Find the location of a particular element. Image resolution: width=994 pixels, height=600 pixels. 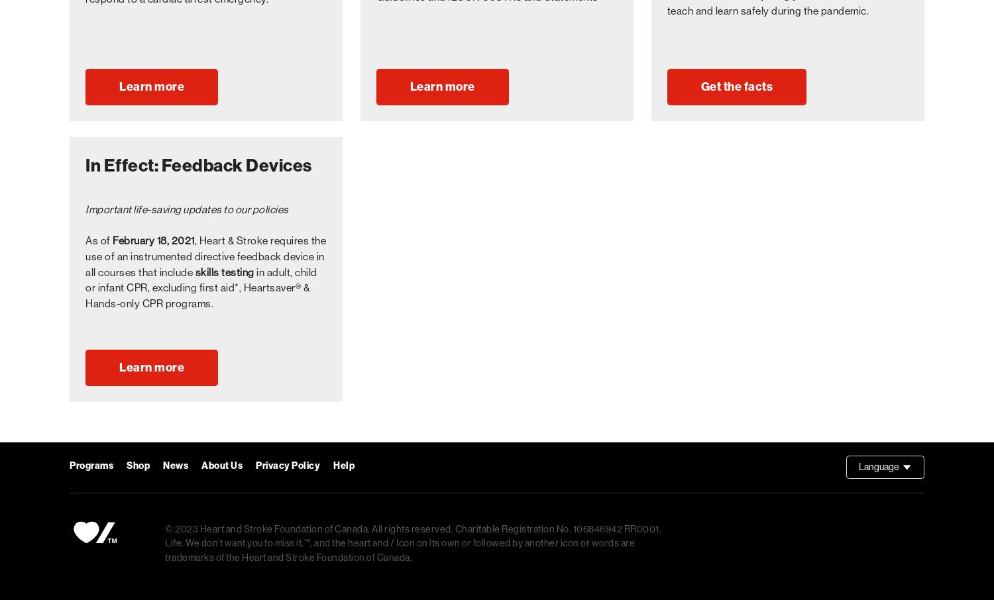

'Important life-saving updates to our policies' is located at coordinates (187, 209).